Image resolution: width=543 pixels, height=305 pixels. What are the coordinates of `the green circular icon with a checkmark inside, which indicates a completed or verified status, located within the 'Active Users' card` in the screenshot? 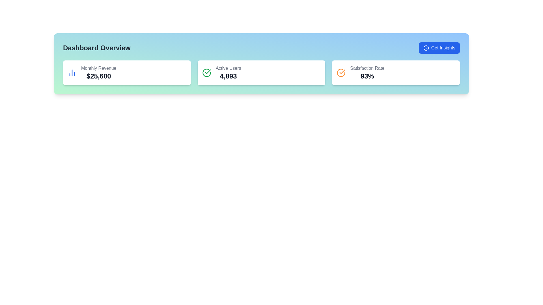 It's located at (206, 73).